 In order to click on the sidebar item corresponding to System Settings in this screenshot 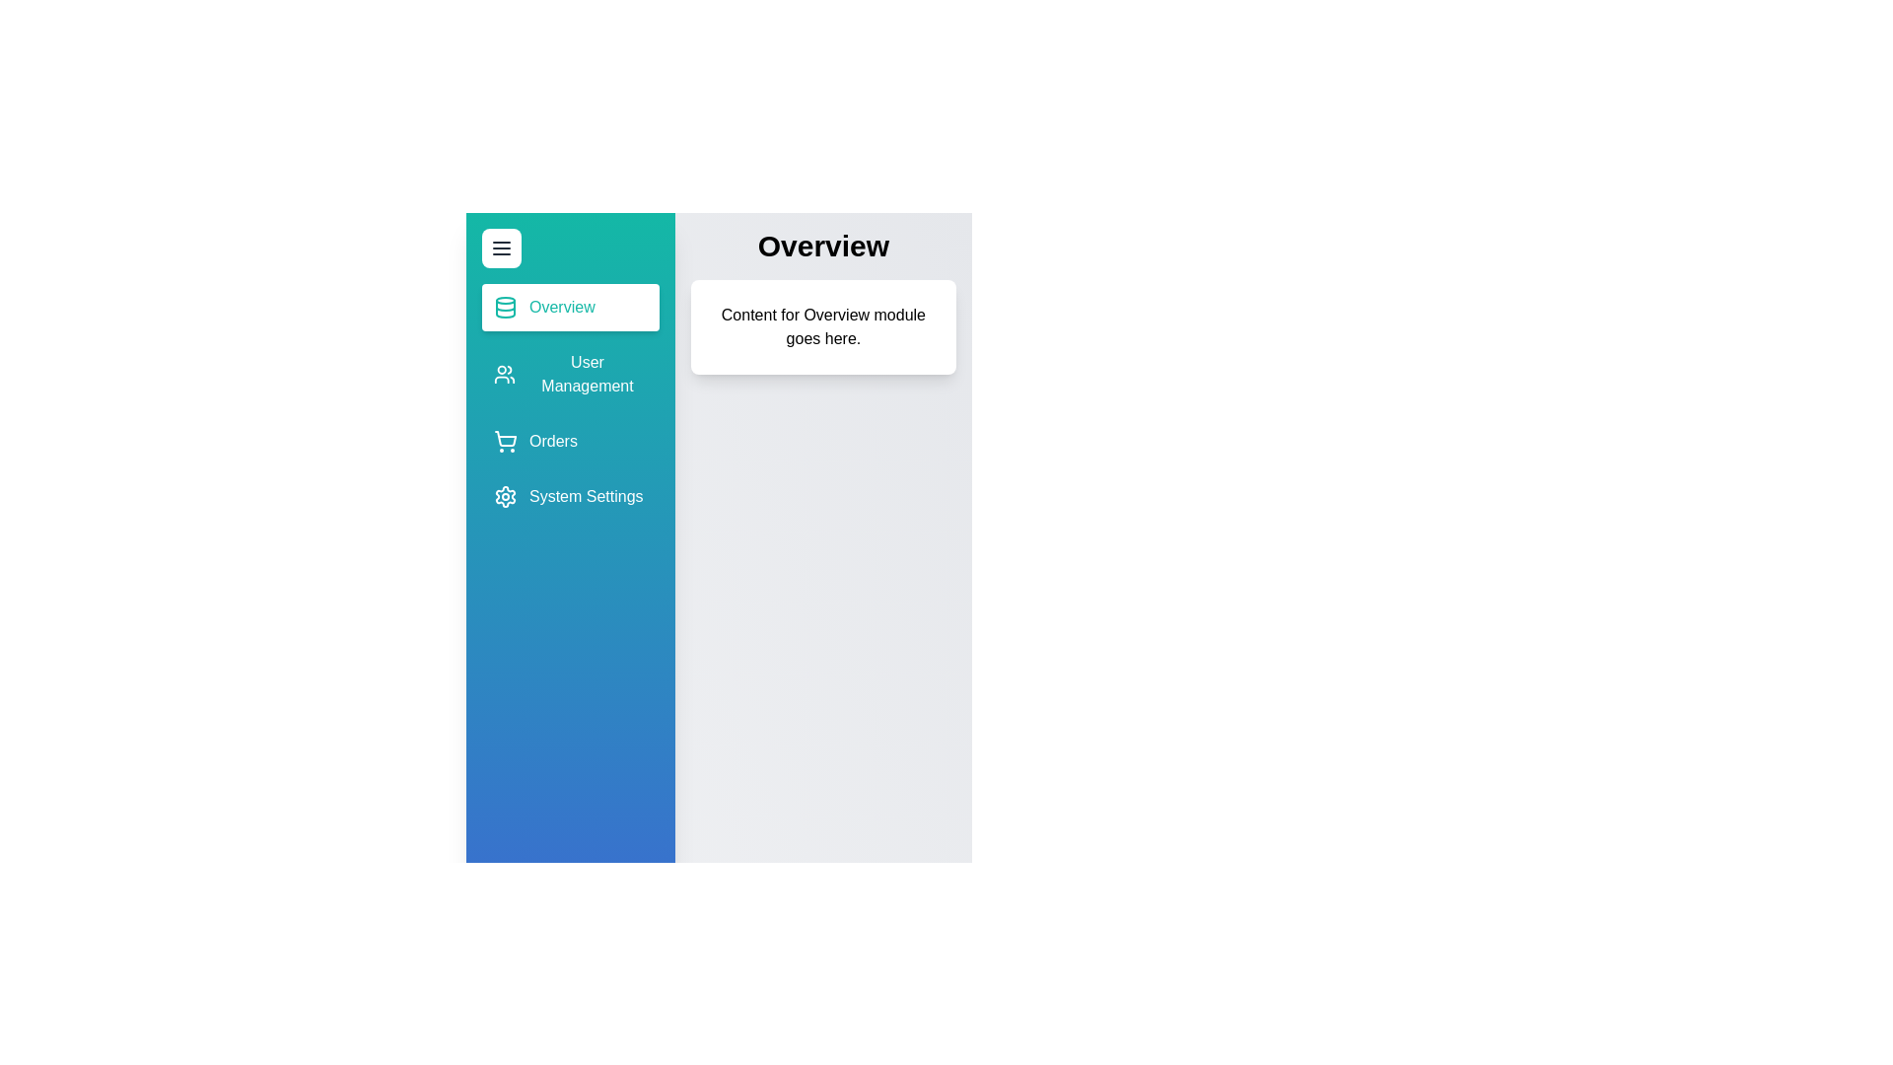, I will do `click(569, 496)`.